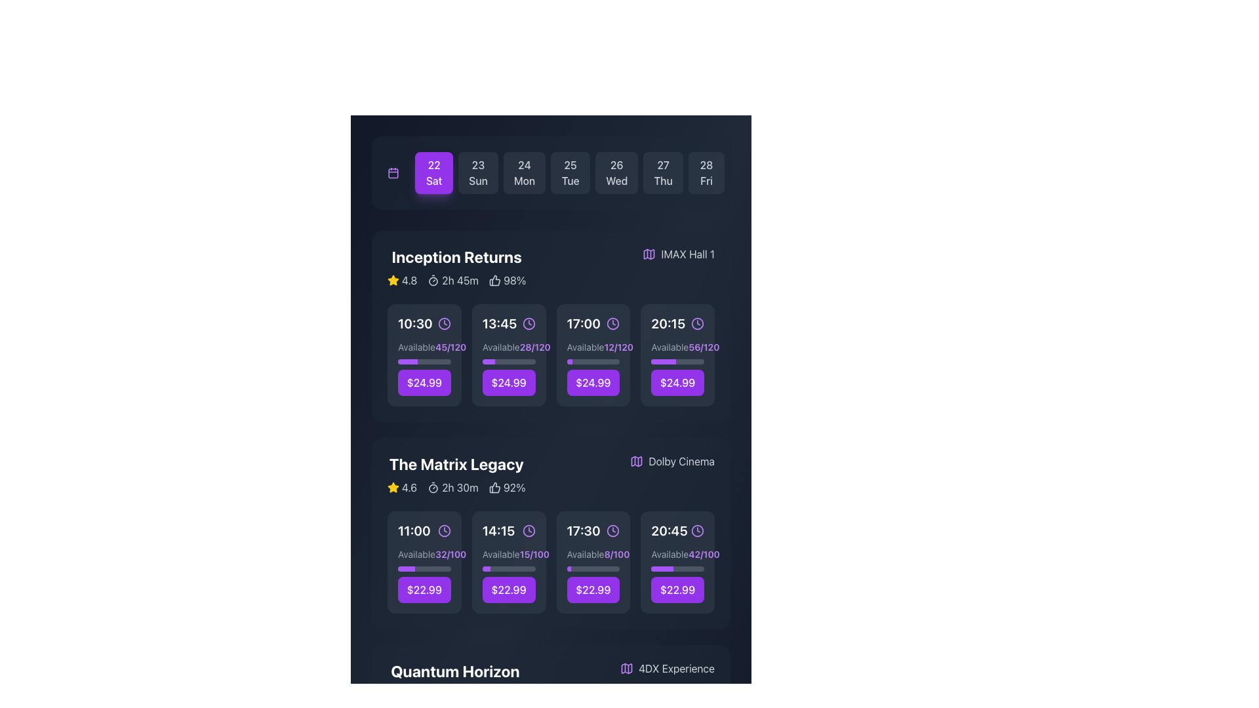  I want to click on the Text label indicating the availability status for the '14:15' time slot under 'The Matrix Legacy' section, so click(500, 554).